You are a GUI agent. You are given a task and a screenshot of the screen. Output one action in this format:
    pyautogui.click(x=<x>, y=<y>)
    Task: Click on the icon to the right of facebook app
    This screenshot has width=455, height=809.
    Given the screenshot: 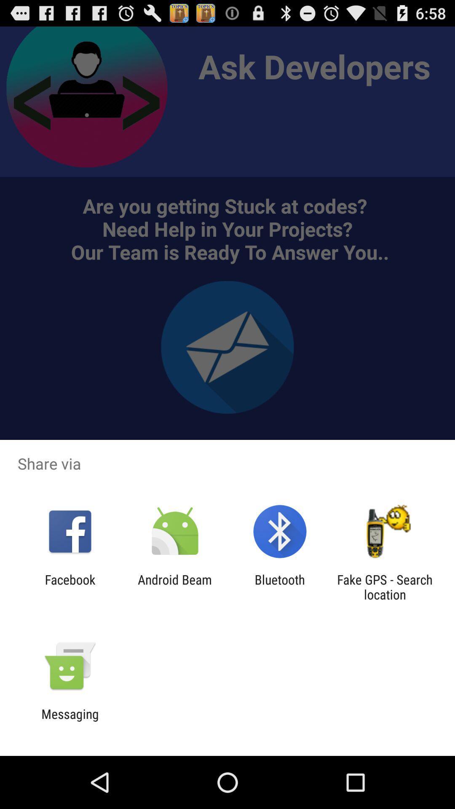 What is the action you would take?
    pyautogui.click(x=174, y=587)
    